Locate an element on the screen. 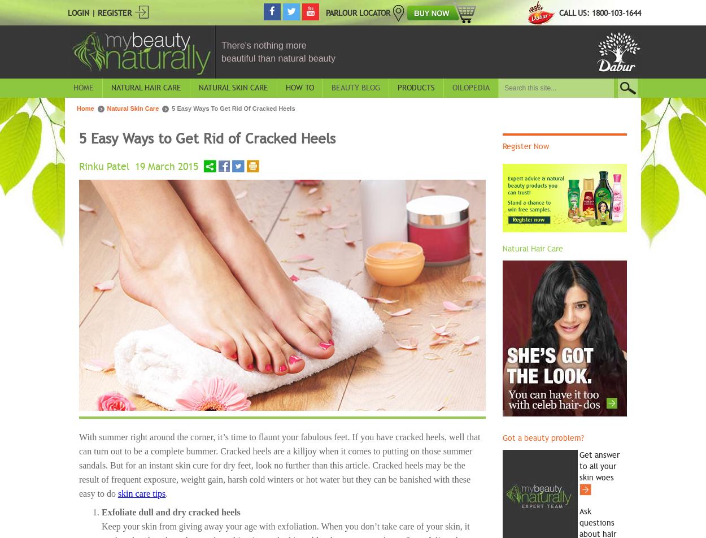 Image resolution: width=706 pixels, height=538 pixels. 'Home' is located at coordinates (84, 88).